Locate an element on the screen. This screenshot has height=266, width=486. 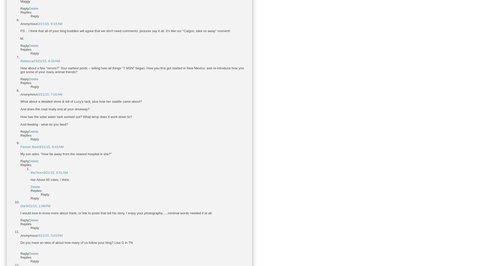
'M.' is located at coordinates (22, 38).